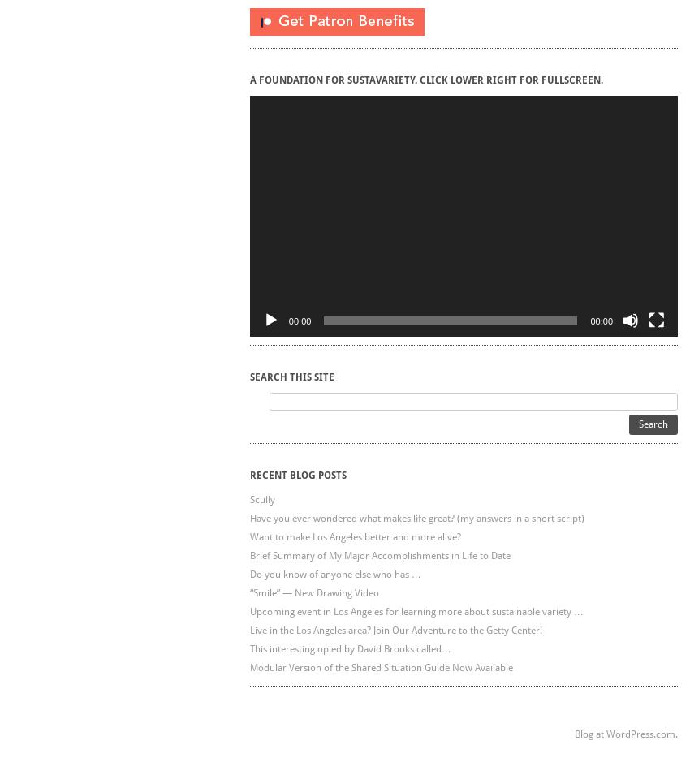  What do you see at coordinates (395, 629) in the screenshot?
I see `'Live in the Los Angeles area? Join Our Adventure to the Getty Center!'` at bounding box center [395, 629].